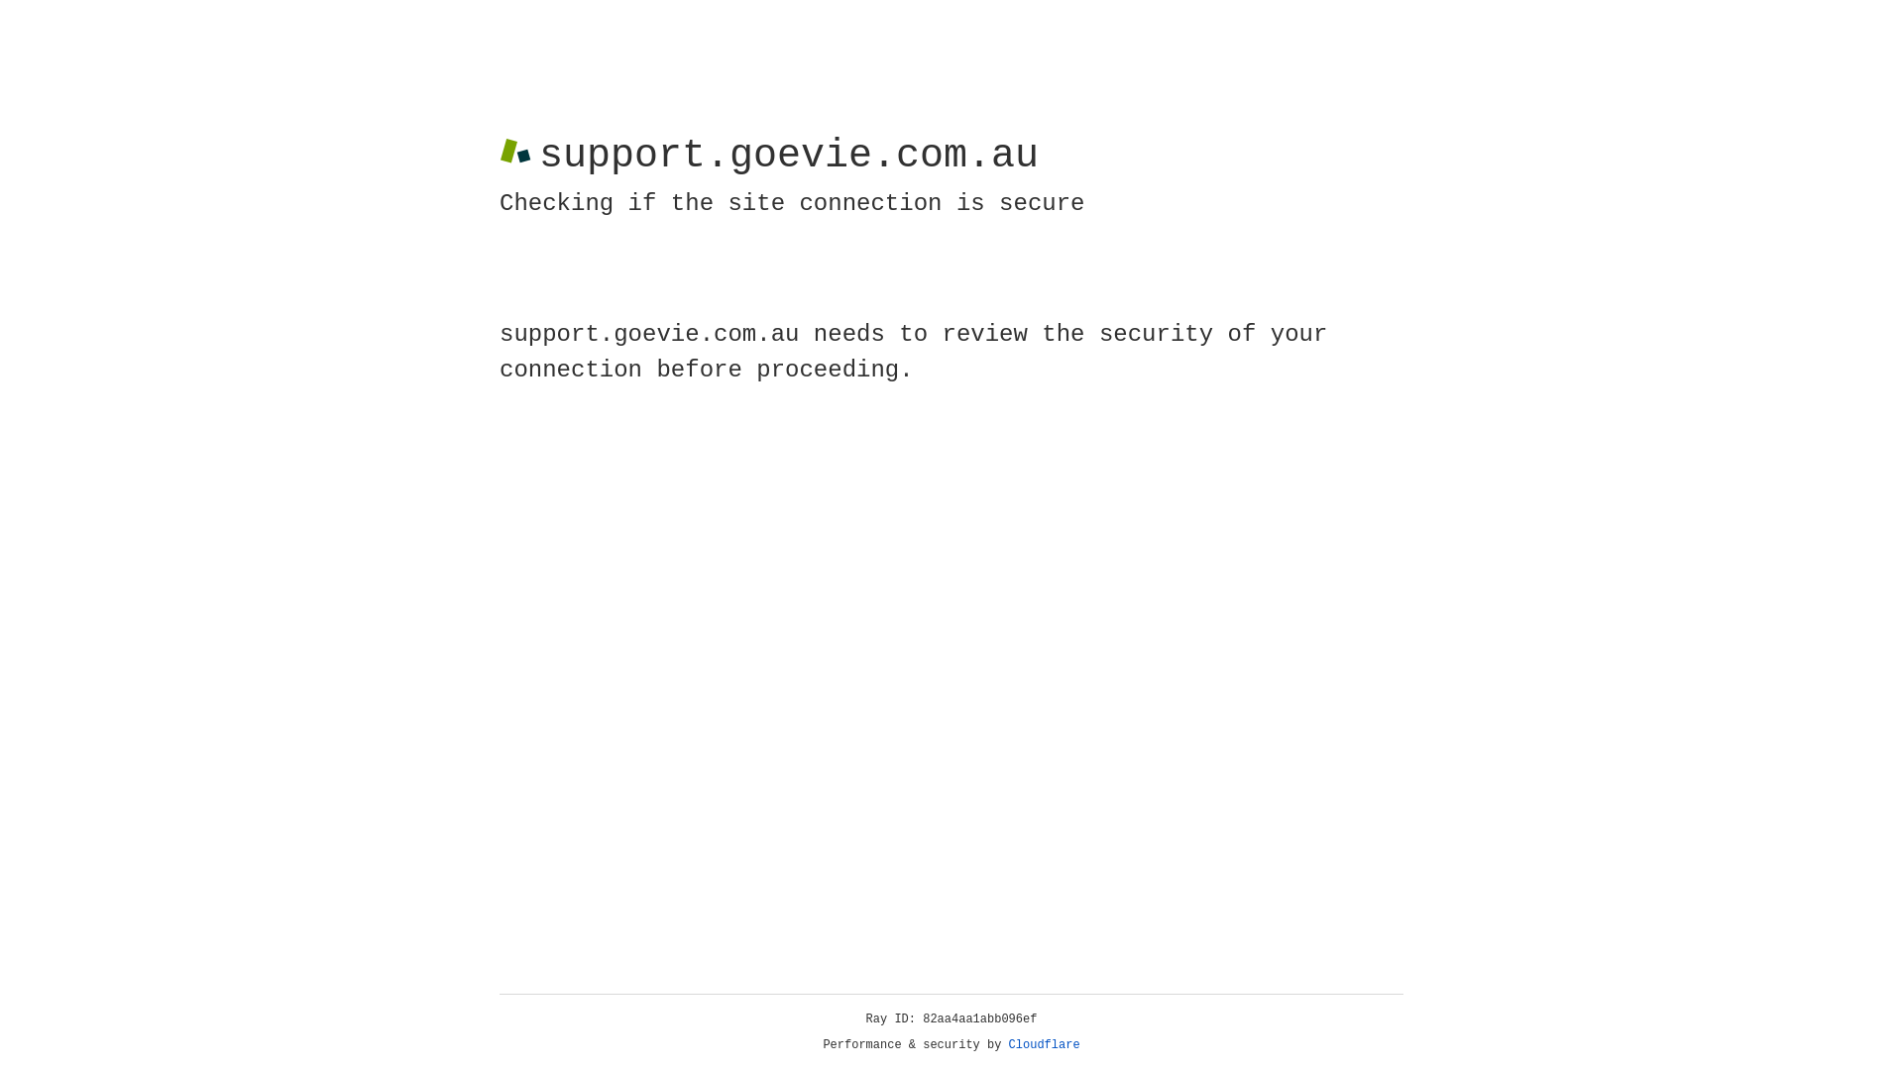 This screenshot has height=1070, width=1903. I want to click on 'Cloudflare', so click(1044, 1044).